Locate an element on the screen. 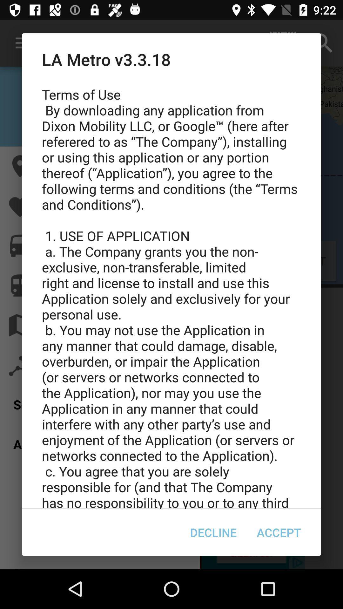 The image size is (343, 609). the decline is located at coordinates (213, 532).